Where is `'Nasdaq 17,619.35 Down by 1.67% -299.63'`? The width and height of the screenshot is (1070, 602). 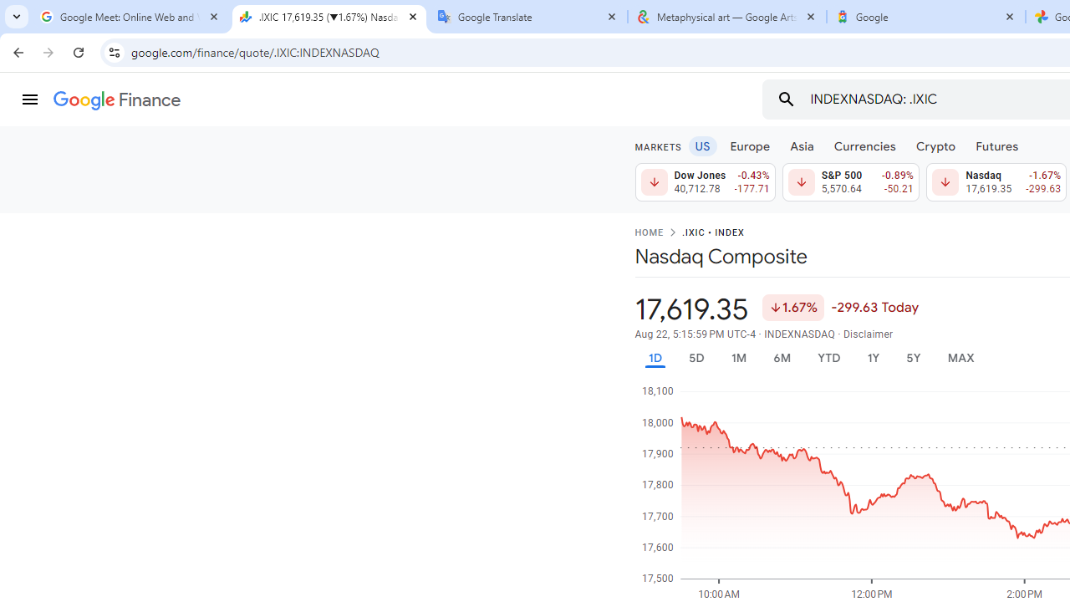 'Nasdaq 17,619.35 Down by 1.67% -299.63' is located at coordinates (996, 182).